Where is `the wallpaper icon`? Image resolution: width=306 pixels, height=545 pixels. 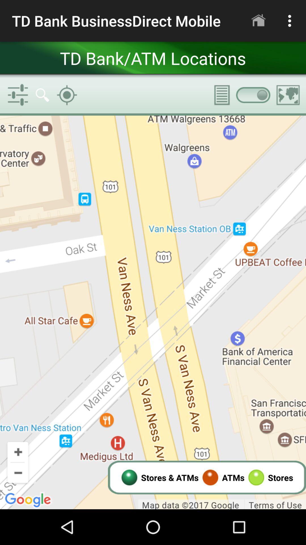 the wallpaper icon is located at coordinates (288, 95).